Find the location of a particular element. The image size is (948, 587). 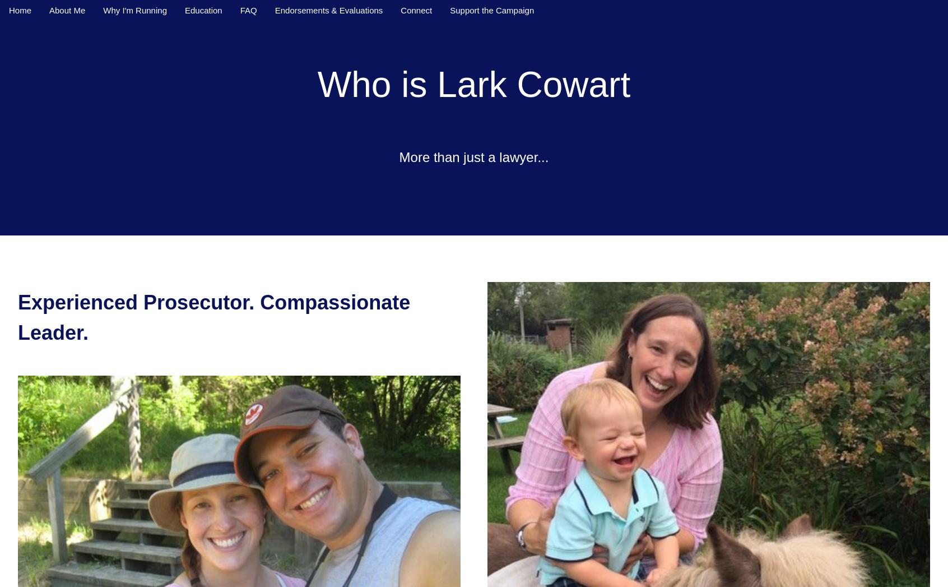

'Why I'm Running' is located at coordinates (134, 10).